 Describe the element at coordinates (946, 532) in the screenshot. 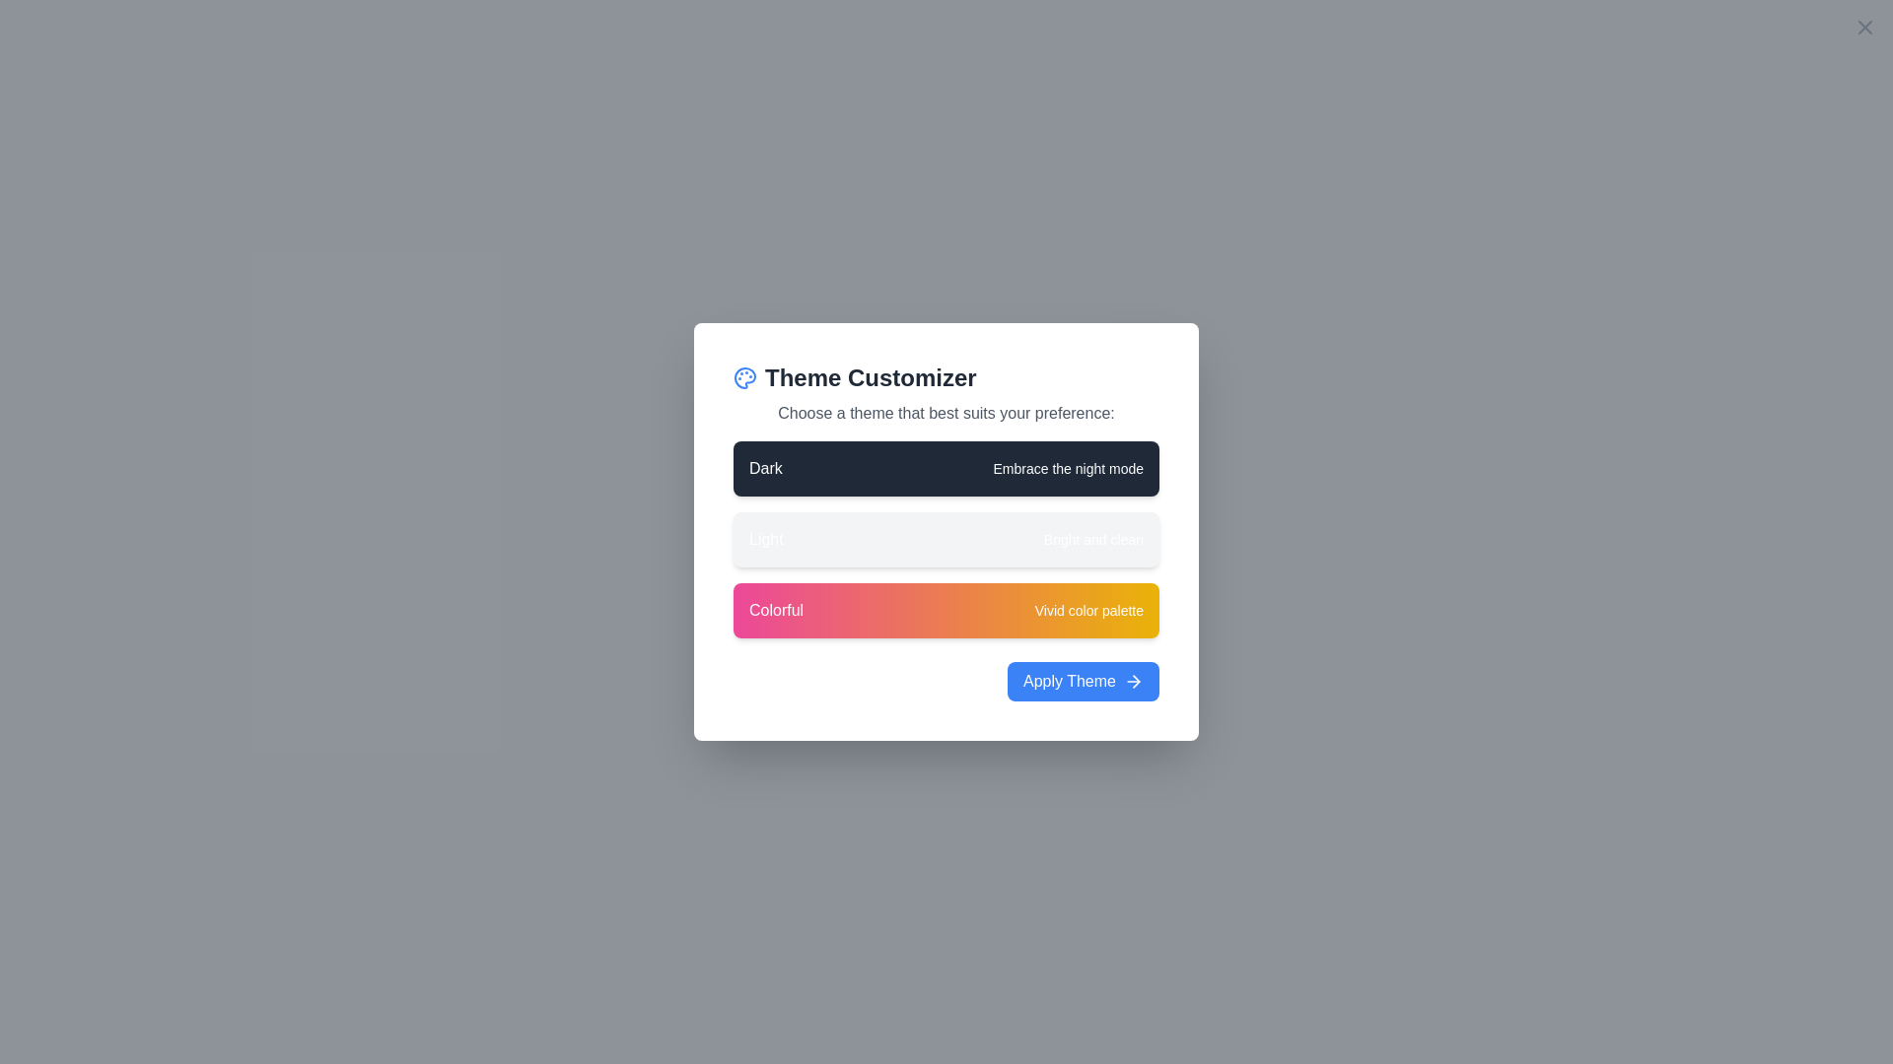

I see `one of the theme options within the 'Theme Customizer' section` at that location.